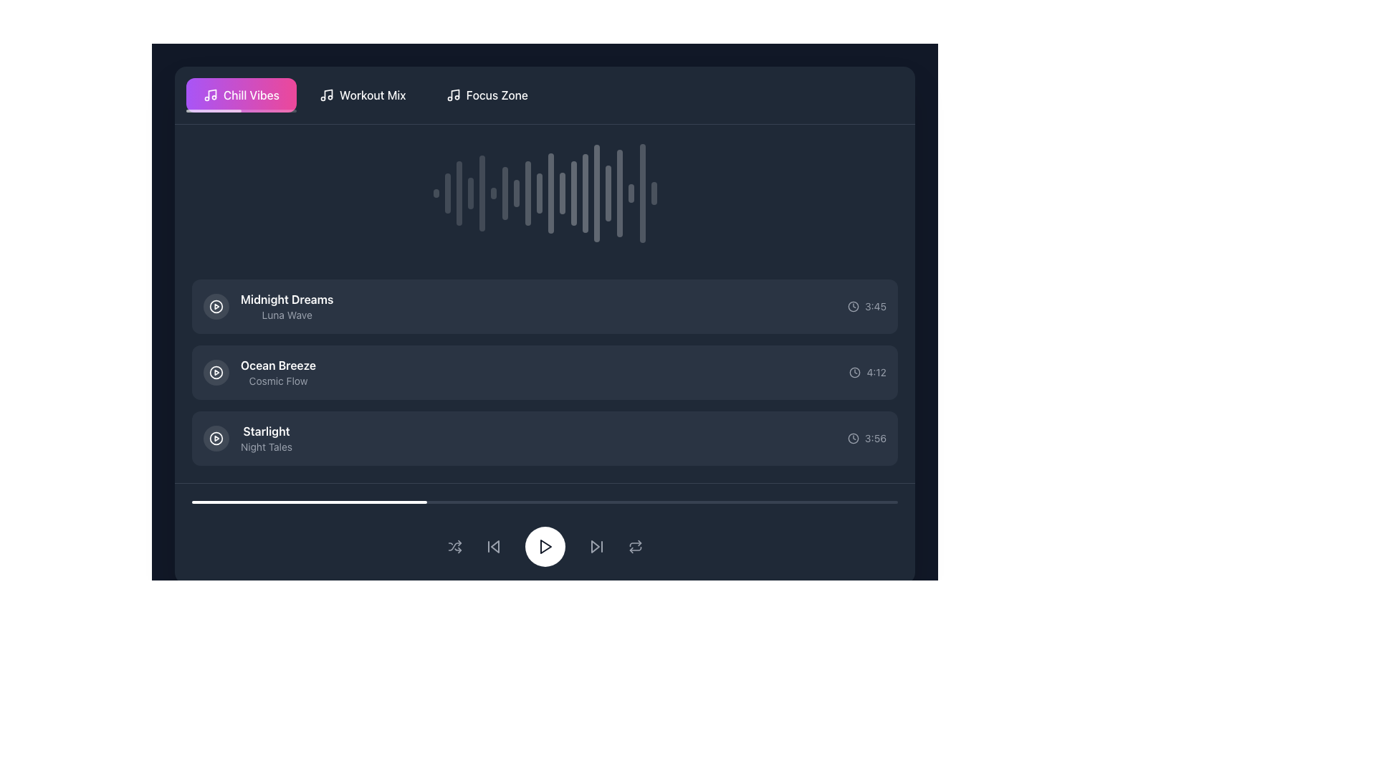  Describe the element at coordinates (287, 314) in the screenshot. I see `the text element displaying 'Luna Wave', which is styled in light gray on a dark background and located below 'Midnight Dreams' in the playlist` at that location.